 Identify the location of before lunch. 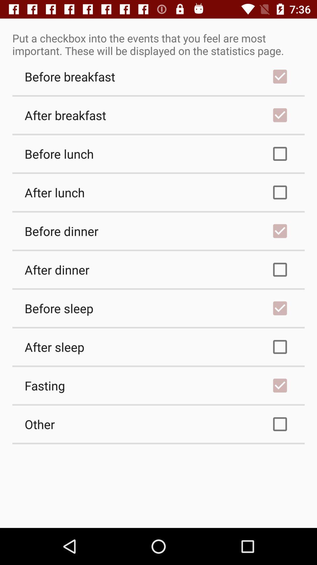
(158, 154).